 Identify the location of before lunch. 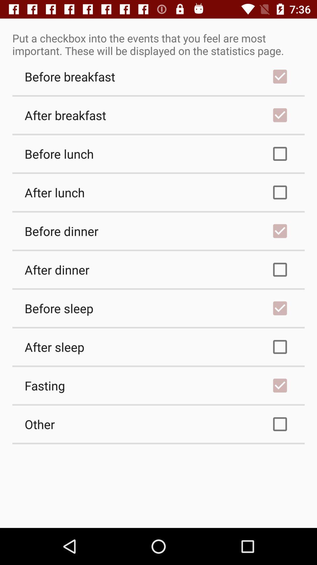
(158, 154).